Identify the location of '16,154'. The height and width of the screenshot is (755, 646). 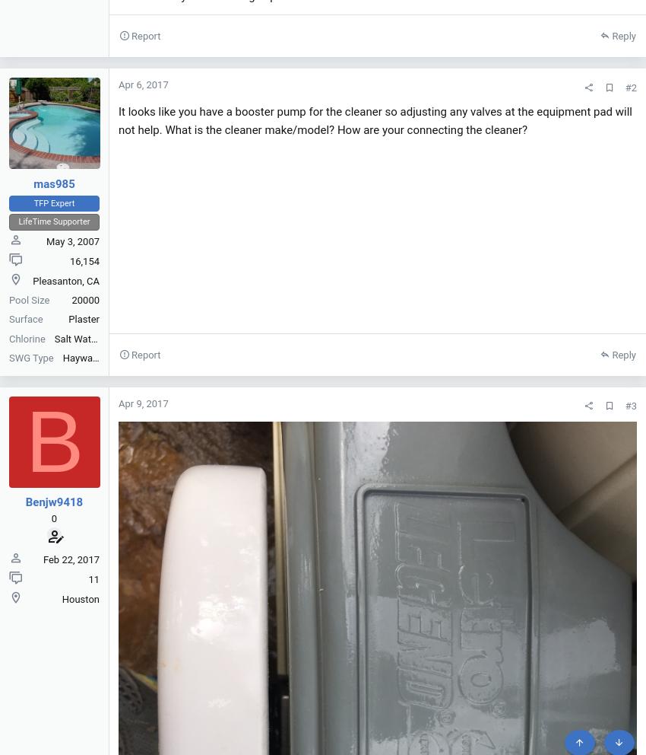
(84, 260).